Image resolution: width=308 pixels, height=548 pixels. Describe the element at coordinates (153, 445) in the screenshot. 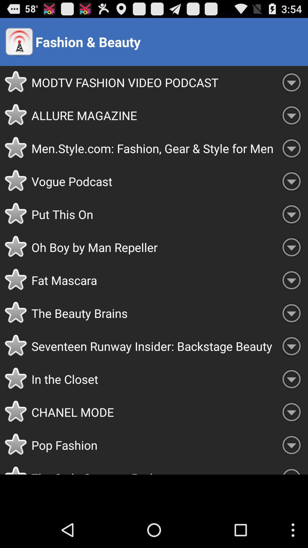

I see `the icon below the chanel mode app` at that location.